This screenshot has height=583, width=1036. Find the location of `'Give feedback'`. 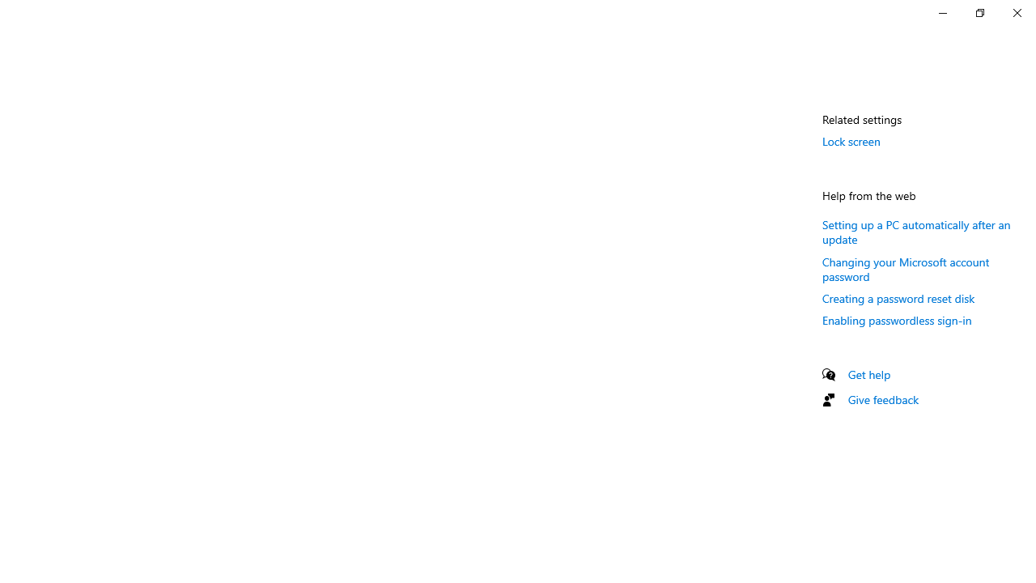

'Give feedback' is located at coordinates (882, 399).